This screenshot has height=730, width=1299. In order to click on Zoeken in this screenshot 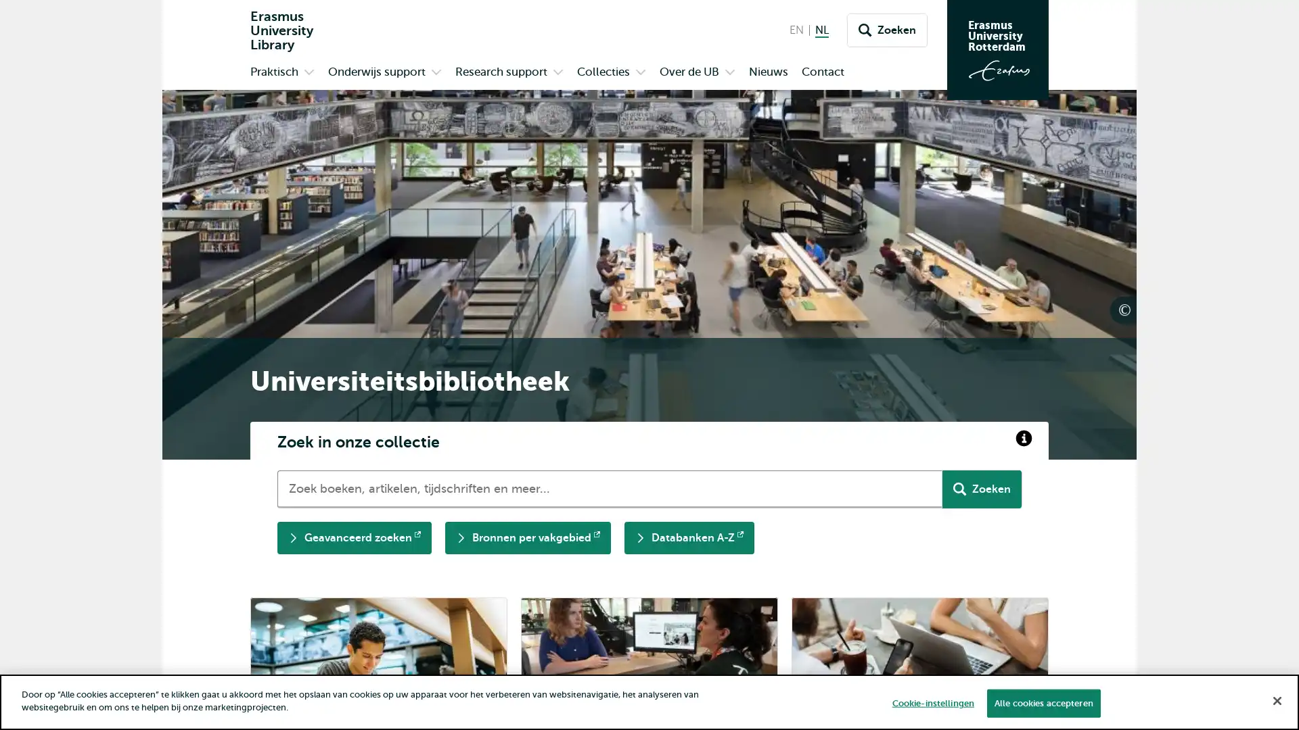, I will do `click(982, 490)`.